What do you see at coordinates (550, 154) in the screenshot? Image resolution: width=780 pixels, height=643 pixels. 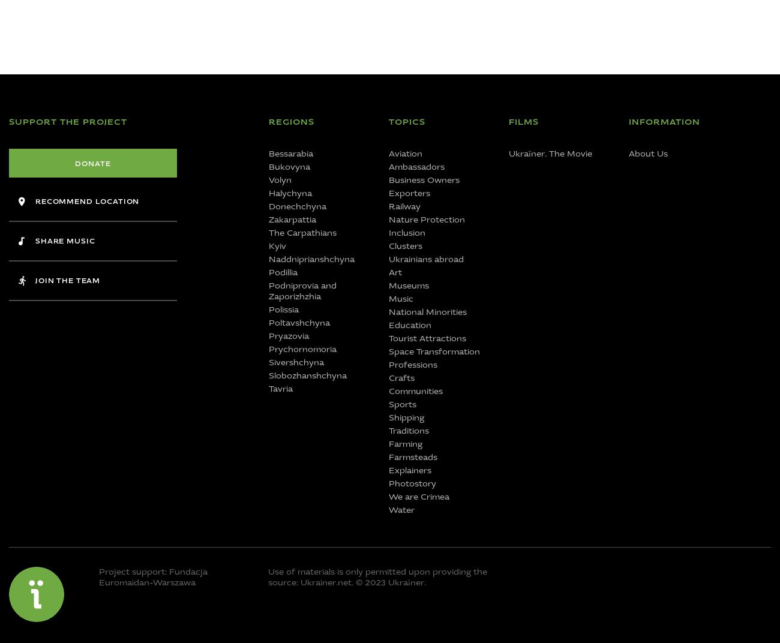 I see `'Ukraїner. The Movie'` at bounding box center [550, 154].